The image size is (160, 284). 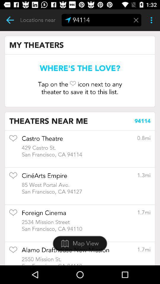 What do you see at coordinates (13, 140) in the screenshot?
I see `castro theatre to favorites` at bounding box center [13, 140].